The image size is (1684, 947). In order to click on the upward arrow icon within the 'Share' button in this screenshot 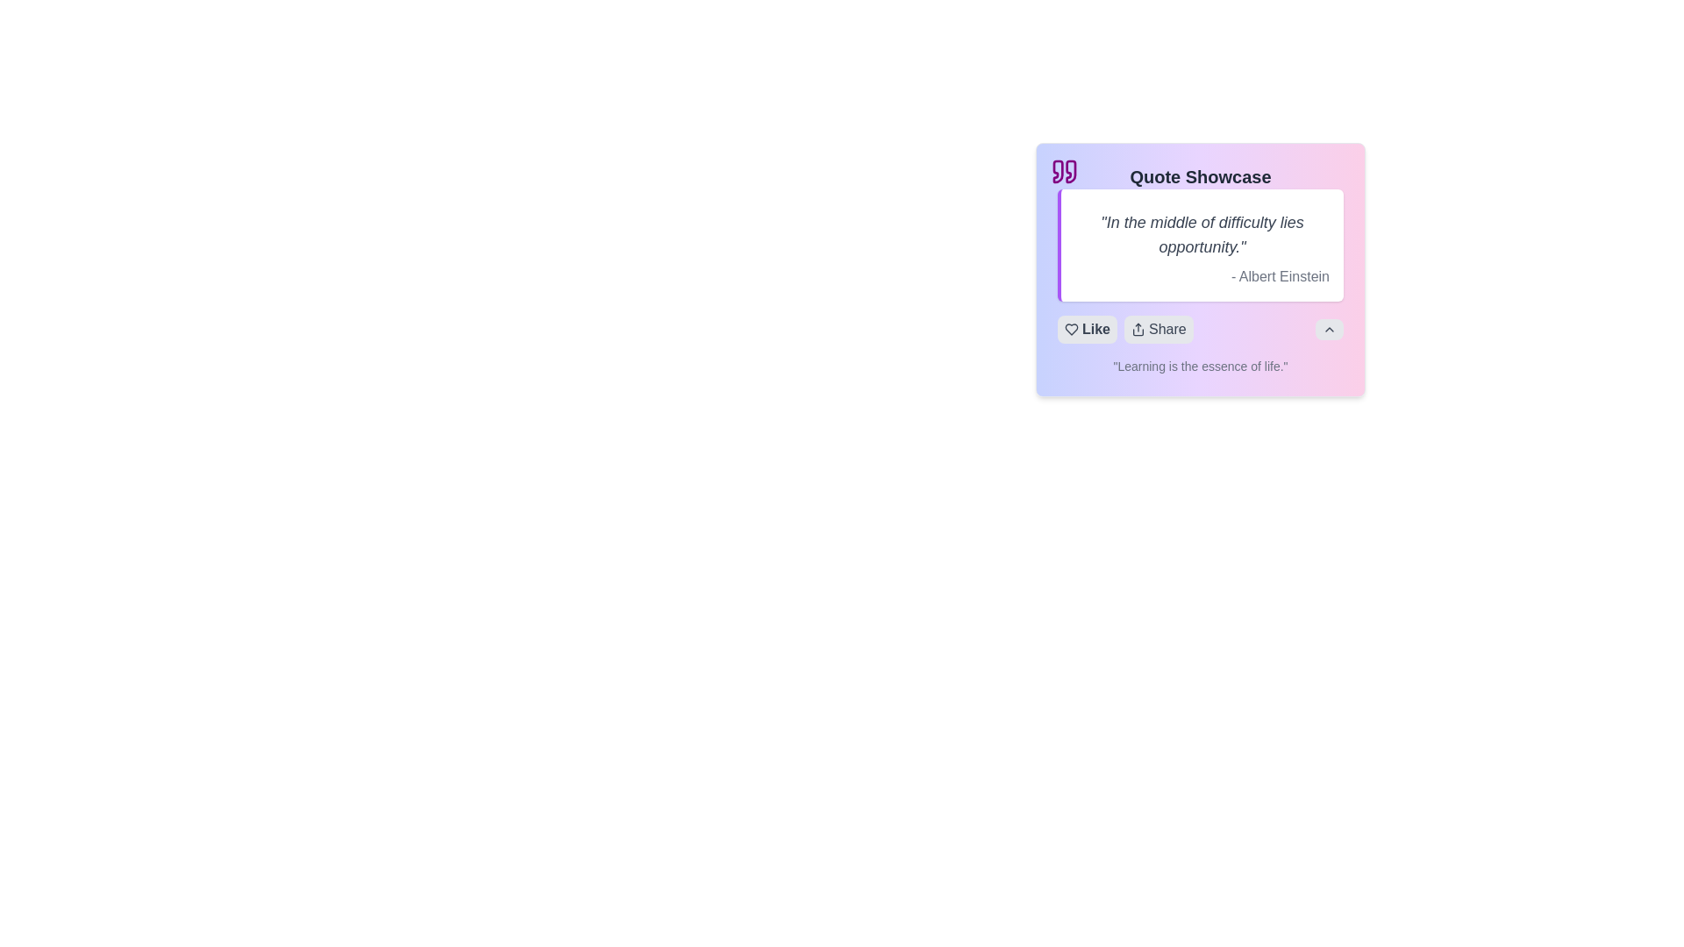, I will do `click(1138, 329)`.